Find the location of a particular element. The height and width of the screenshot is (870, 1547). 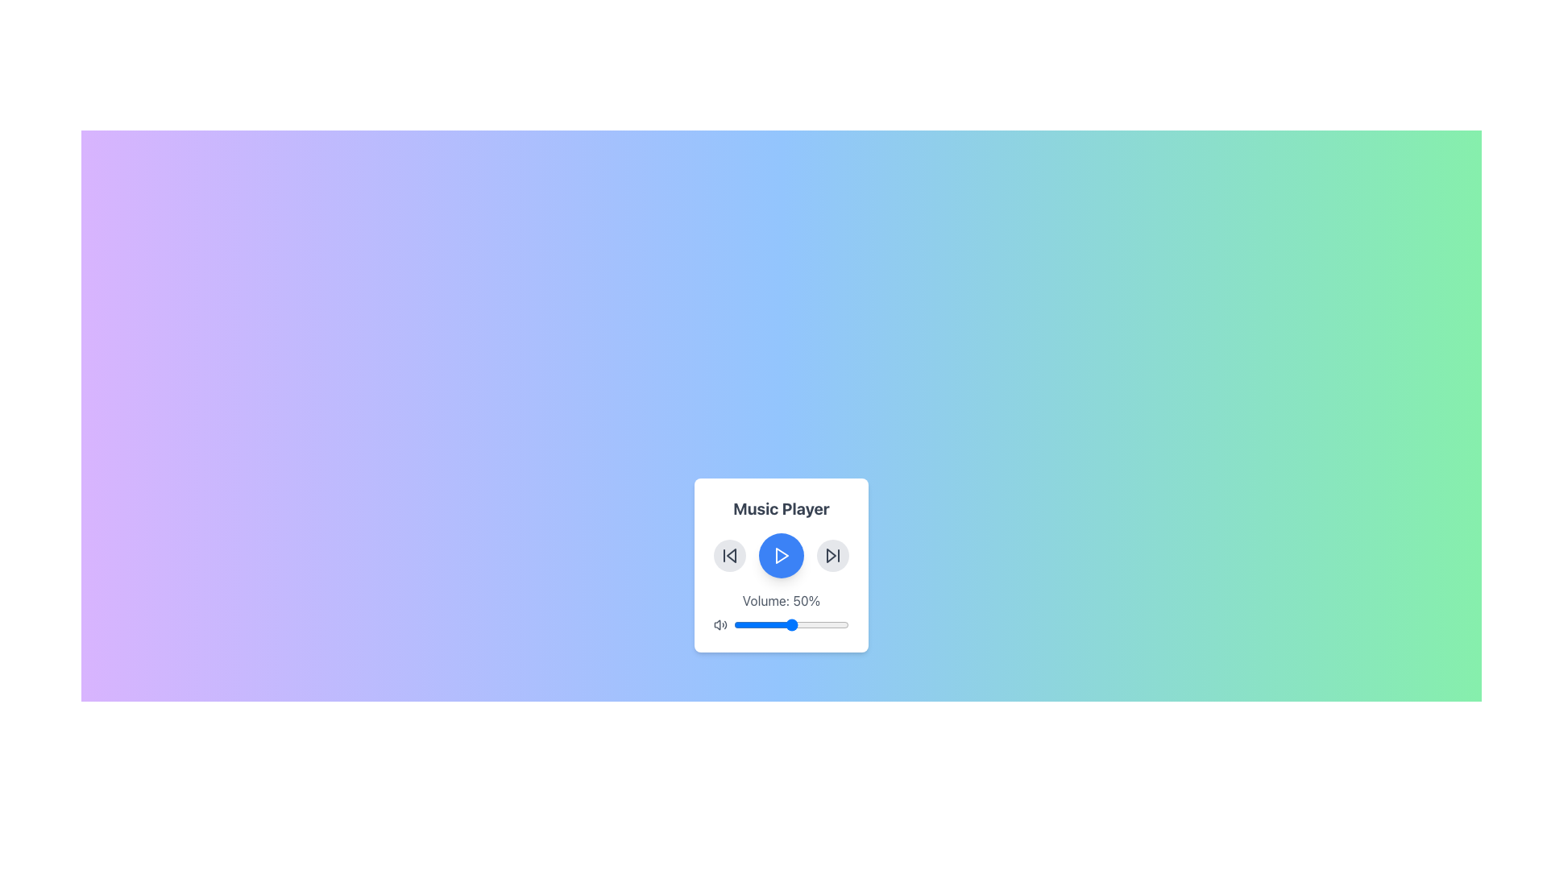

volume level is located at coordinates (805, 623).